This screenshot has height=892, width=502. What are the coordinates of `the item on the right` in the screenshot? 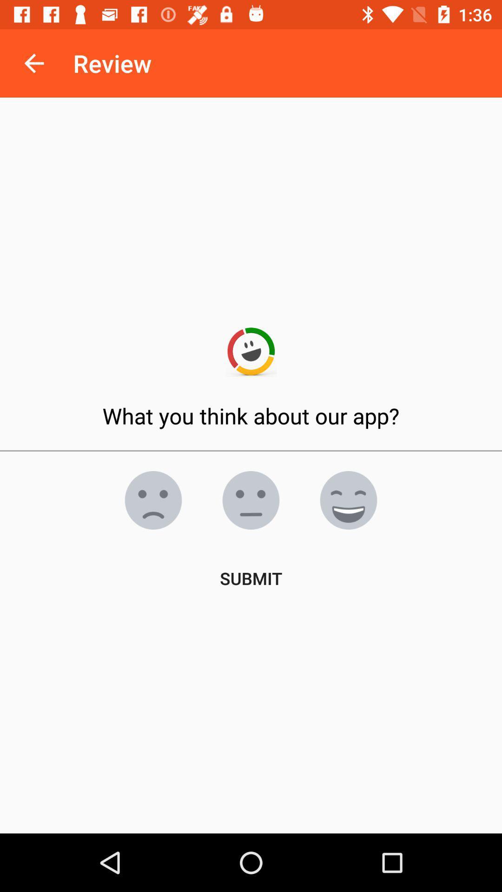 It's located at (348, 499).